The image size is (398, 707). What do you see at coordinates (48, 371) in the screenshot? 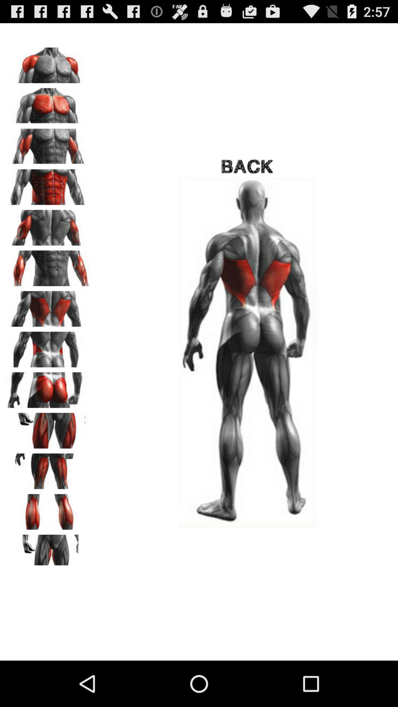
I see `the pause icon` at bounding box center [48, 371].